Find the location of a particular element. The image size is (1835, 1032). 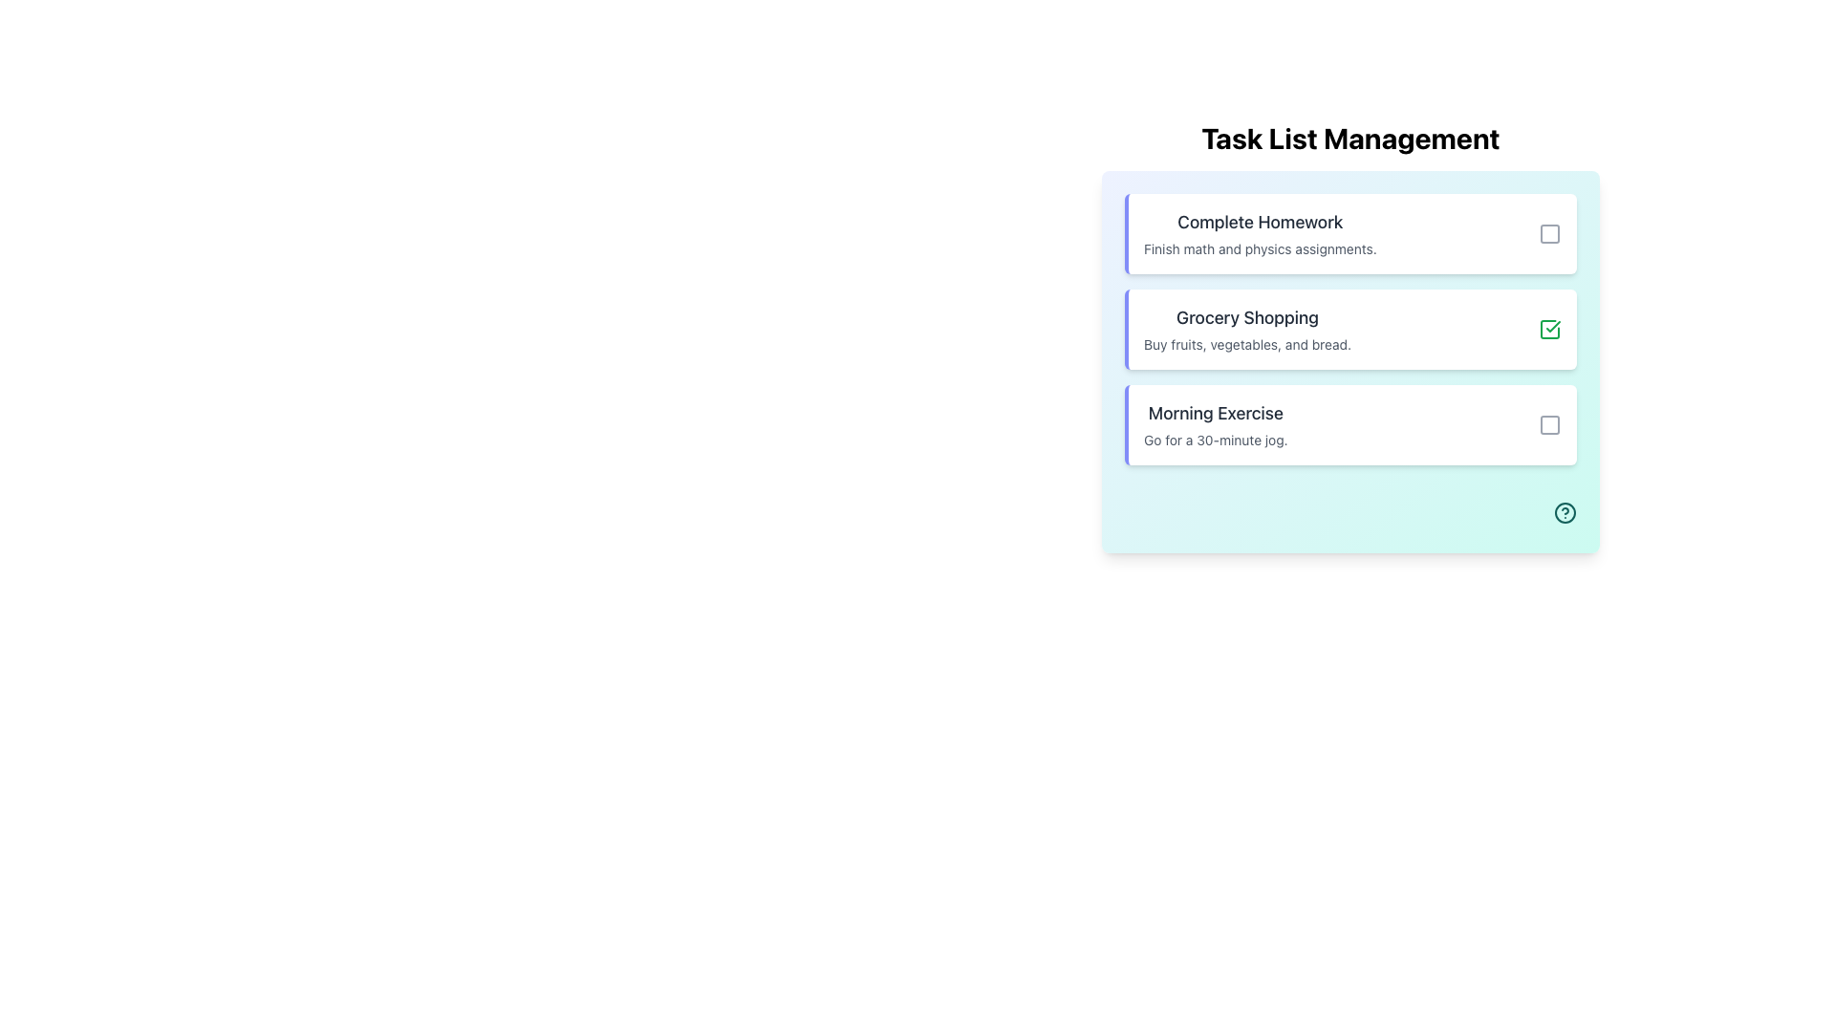

the help or information indicator icon located at the bottom-right corner of the card layout, adjacent to the task list is located at coordinates (1565, 511).